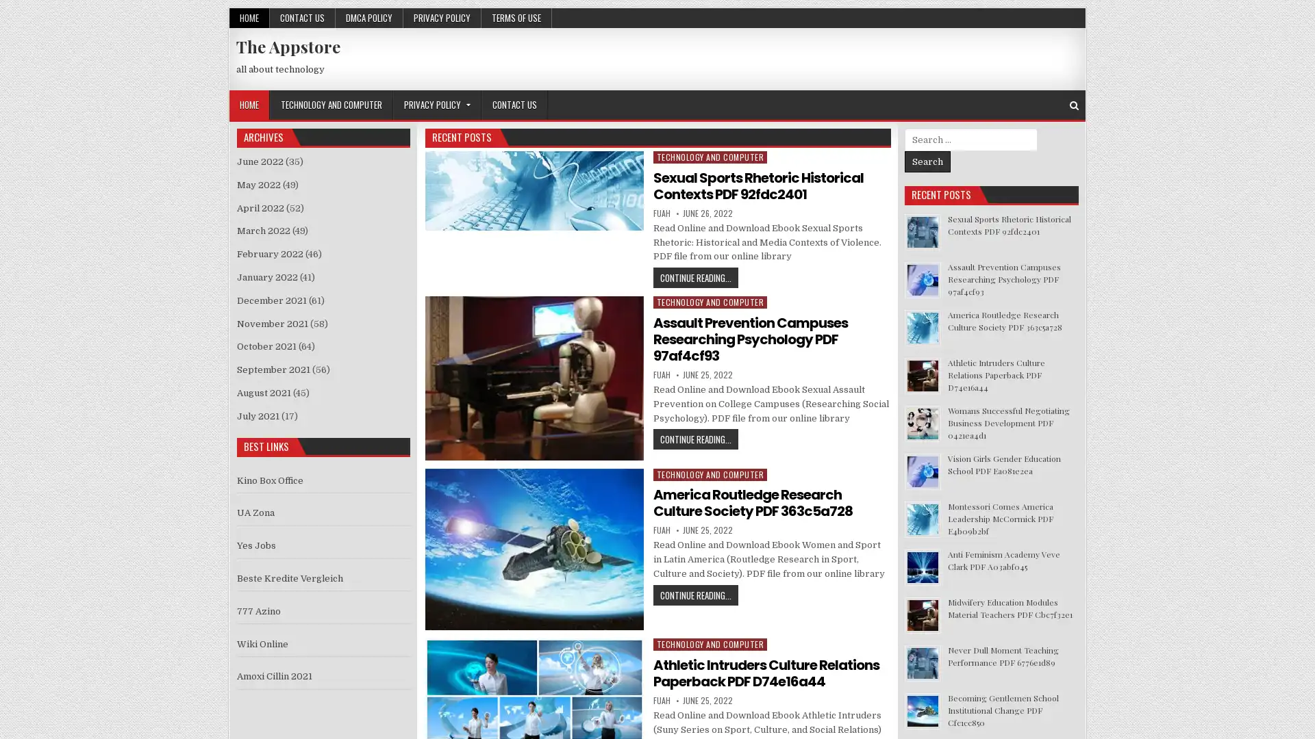 The width and height of the screenshot is (1315, 739). What do you see at coordinates (927, 161) in the screenshot?
I see `Search` at bounding box center [927, 161].